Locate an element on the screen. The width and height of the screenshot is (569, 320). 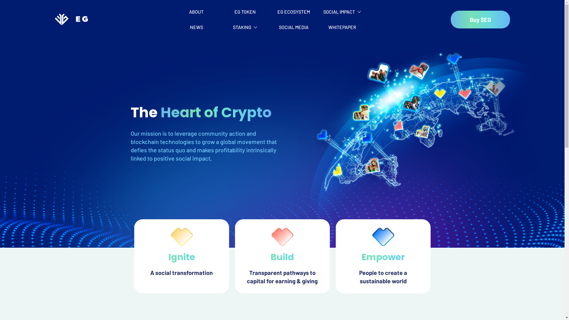
'EG TOKEN' is located at coordinates (220, 12).